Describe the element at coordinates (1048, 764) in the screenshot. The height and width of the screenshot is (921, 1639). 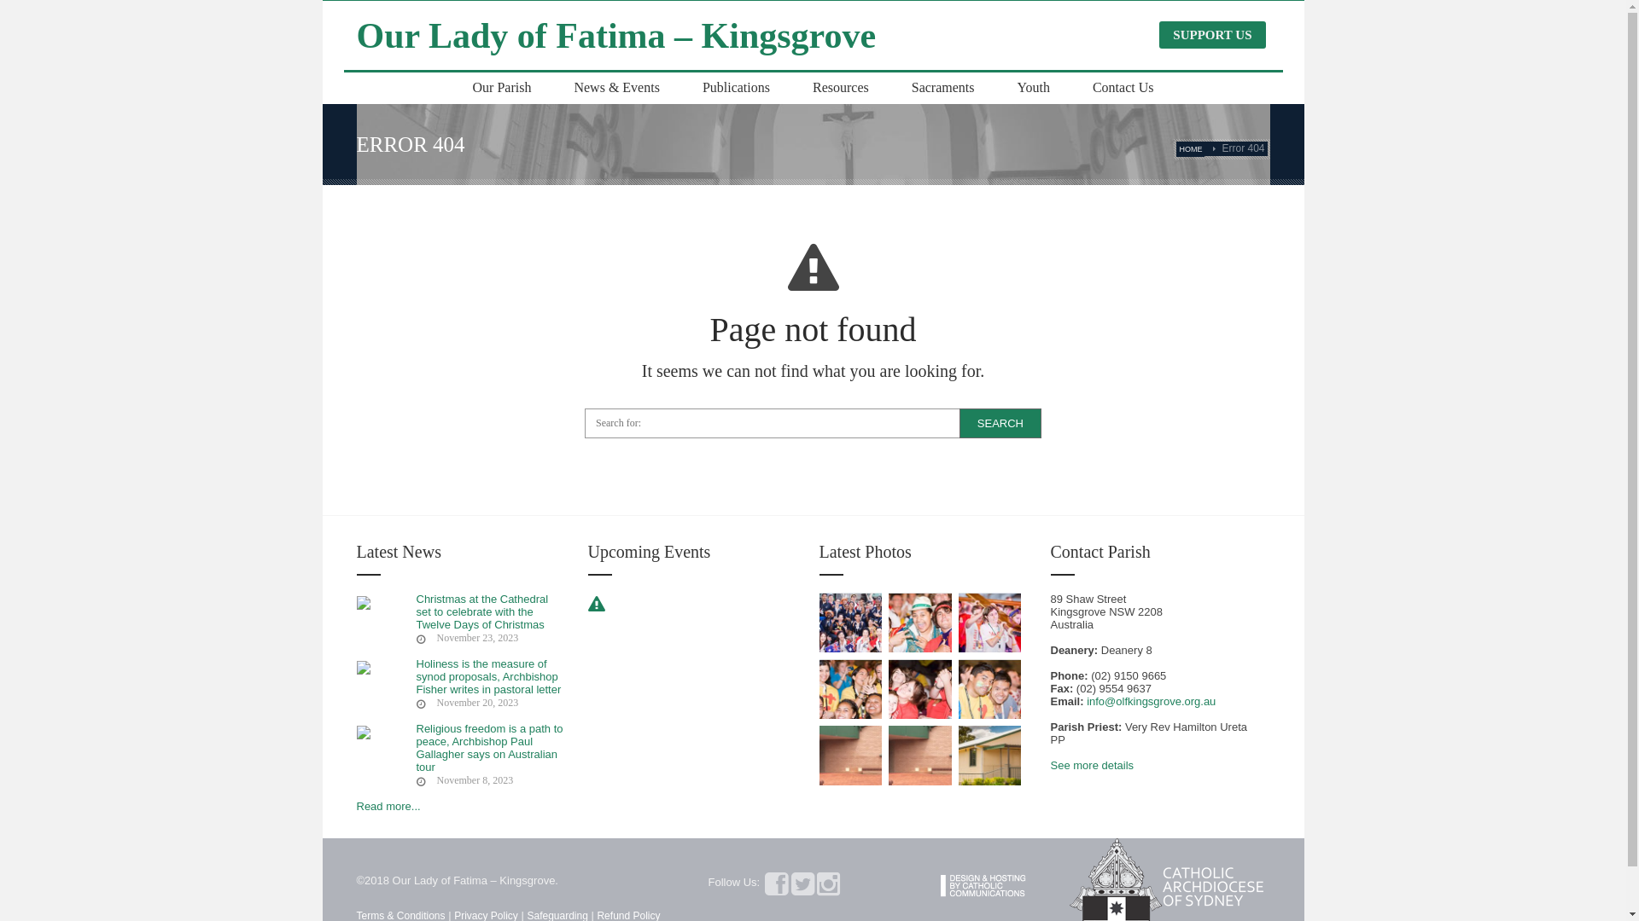
I see `'See more details'` at that location.